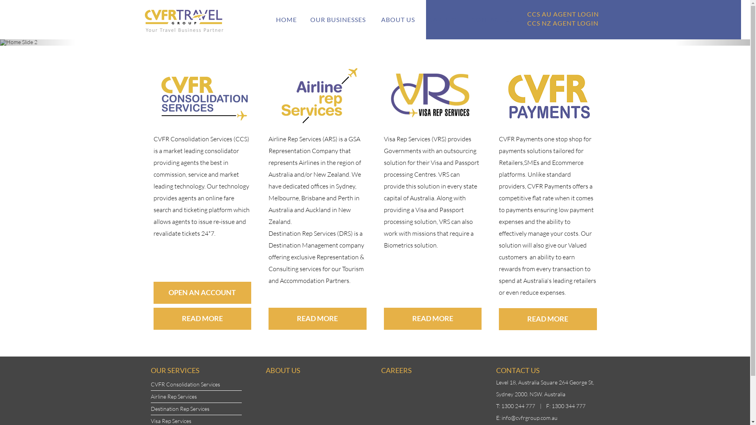  I want to click on 'Destination Rep Services', so click(179, 408).